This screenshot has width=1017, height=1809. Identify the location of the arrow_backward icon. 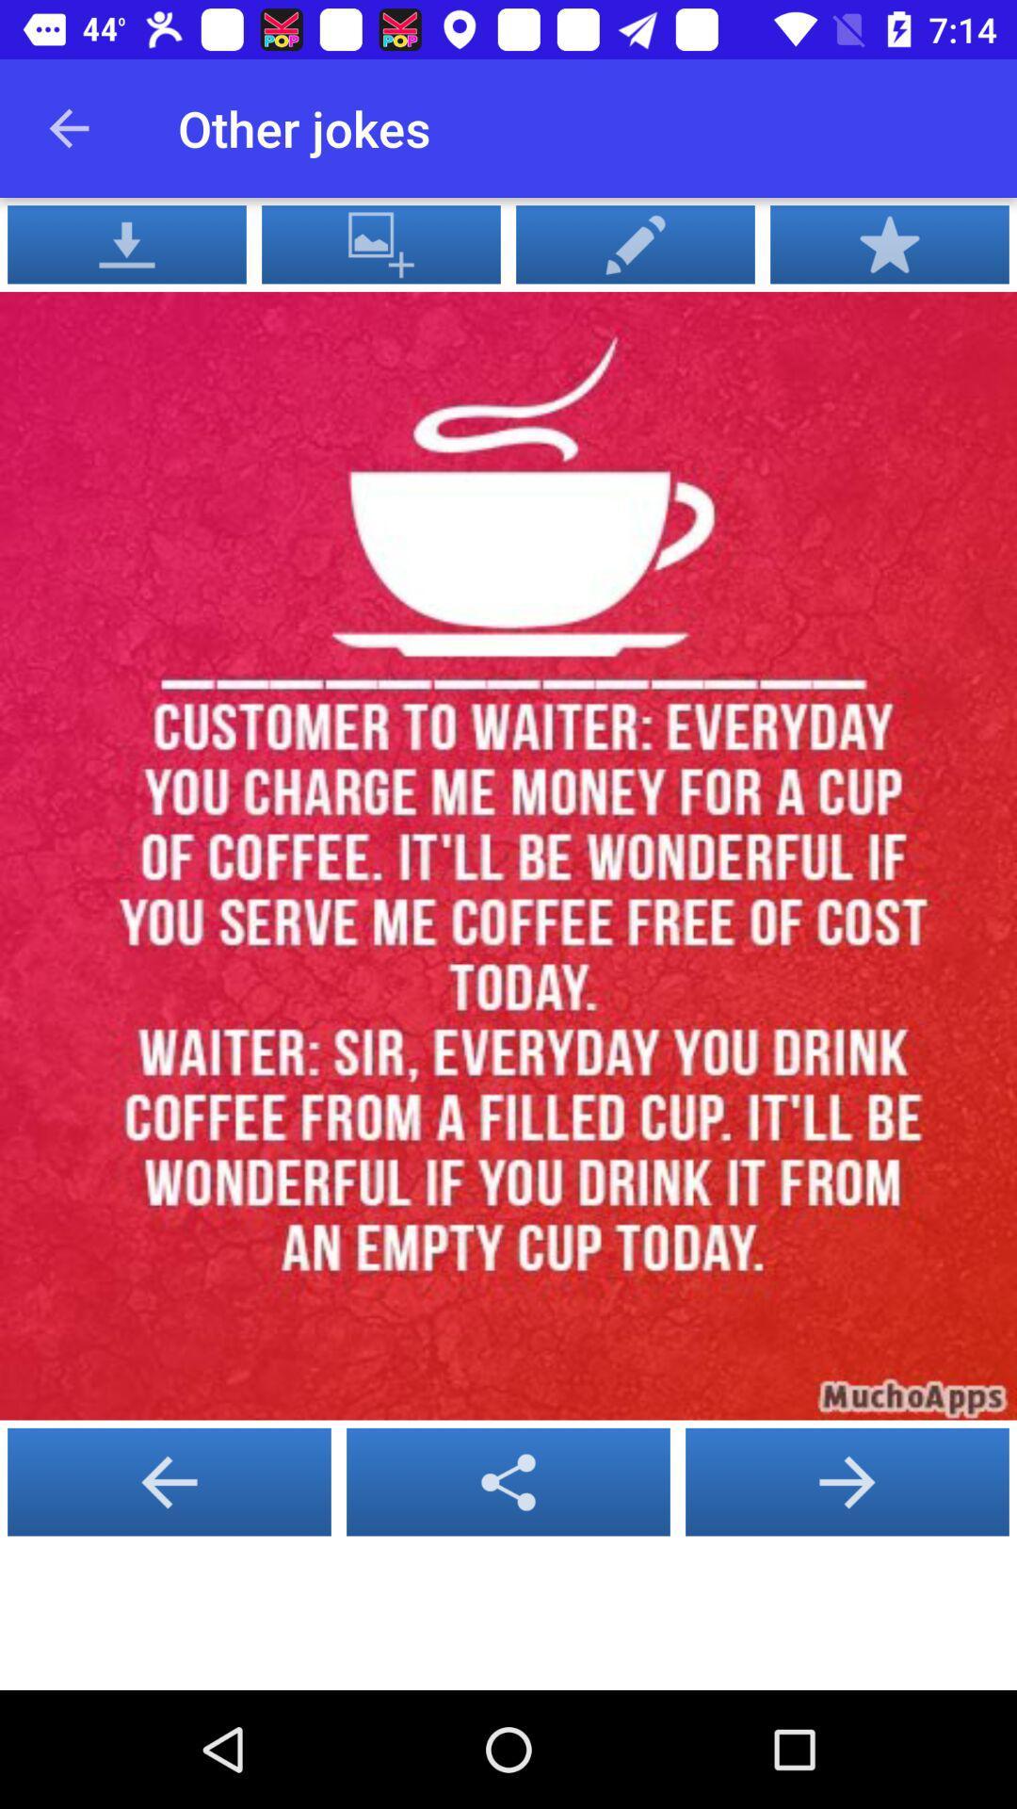
(508, 1481).